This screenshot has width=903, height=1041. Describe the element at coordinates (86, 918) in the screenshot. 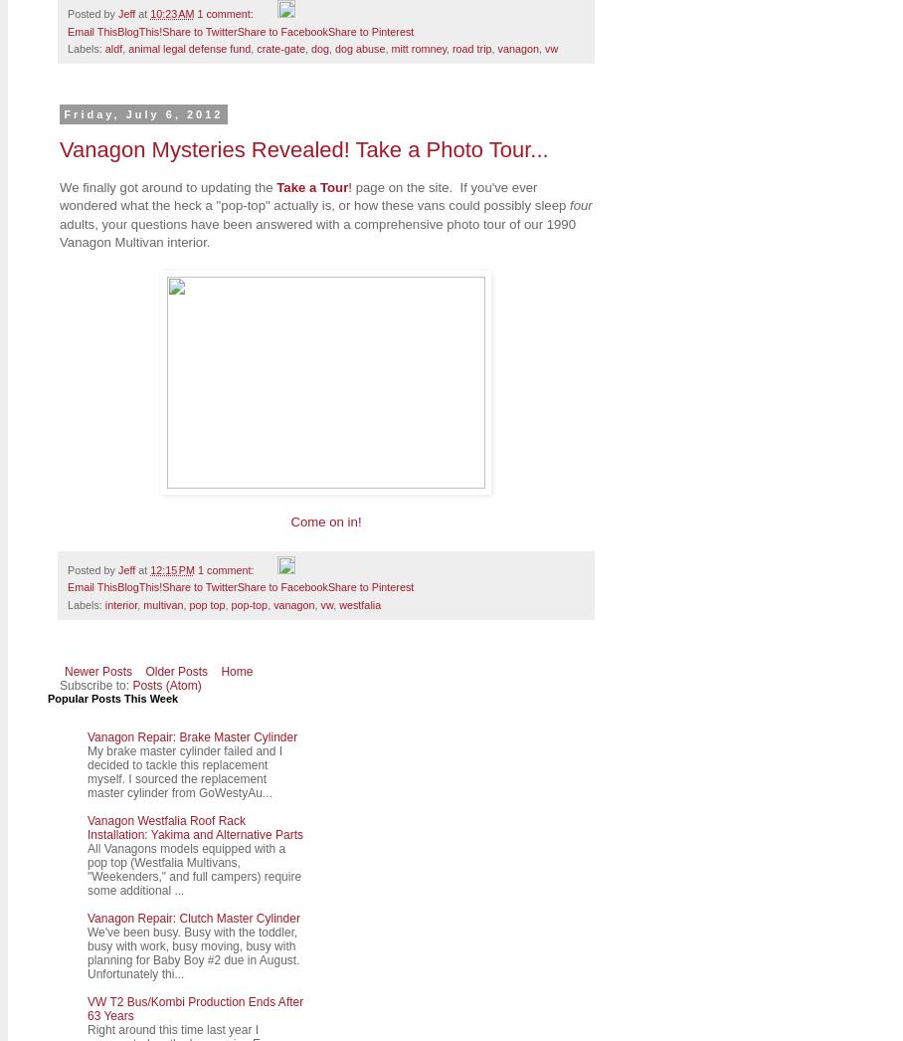

I see `'Vanagon Repair: Clutch Master Cylinder'` at that location.